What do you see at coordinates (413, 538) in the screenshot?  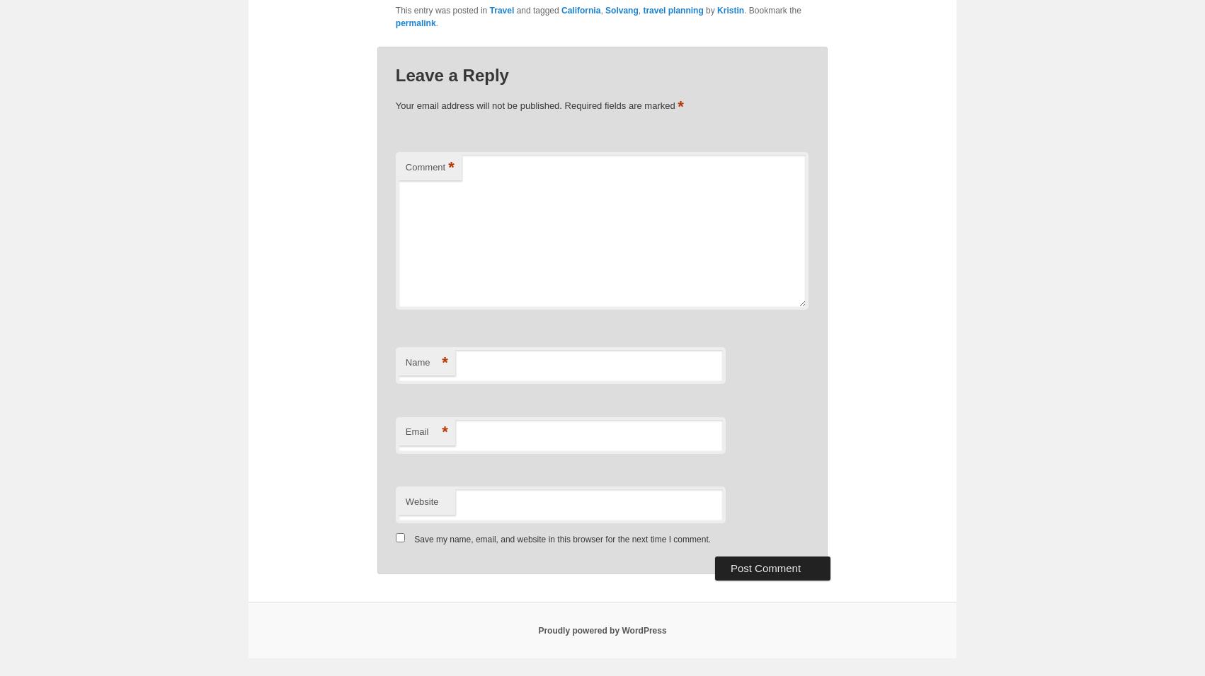 I see `'Save my name, email, and website in this browser for the next time I comment.'` at bounding box center [413, 538].